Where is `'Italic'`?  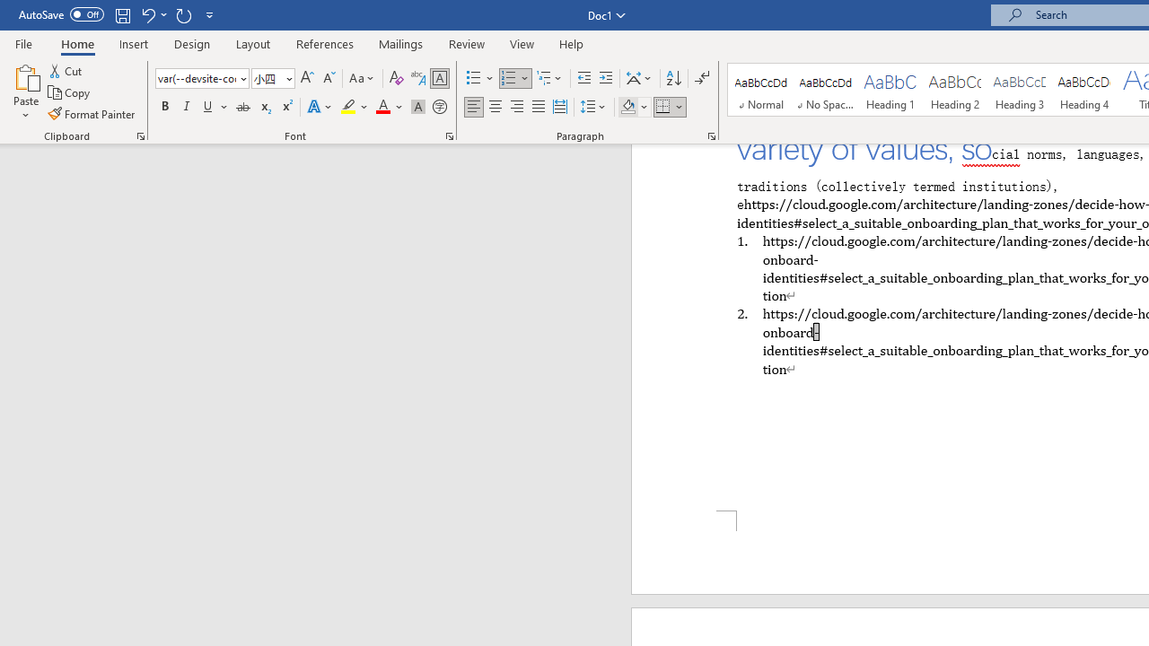 'Italic' is located at coordinates (187, 107).